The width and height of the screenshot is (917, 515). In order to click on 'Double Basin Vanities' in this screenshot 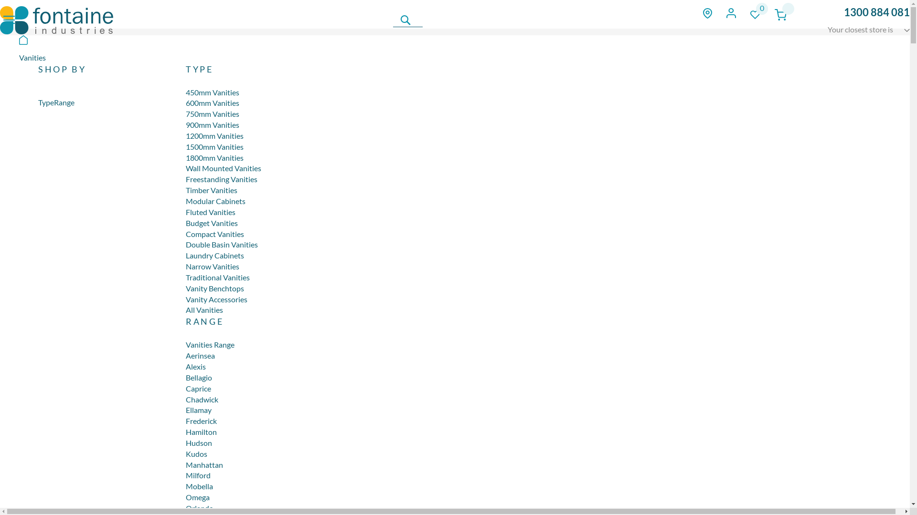, I will do `click(221, 244)`.